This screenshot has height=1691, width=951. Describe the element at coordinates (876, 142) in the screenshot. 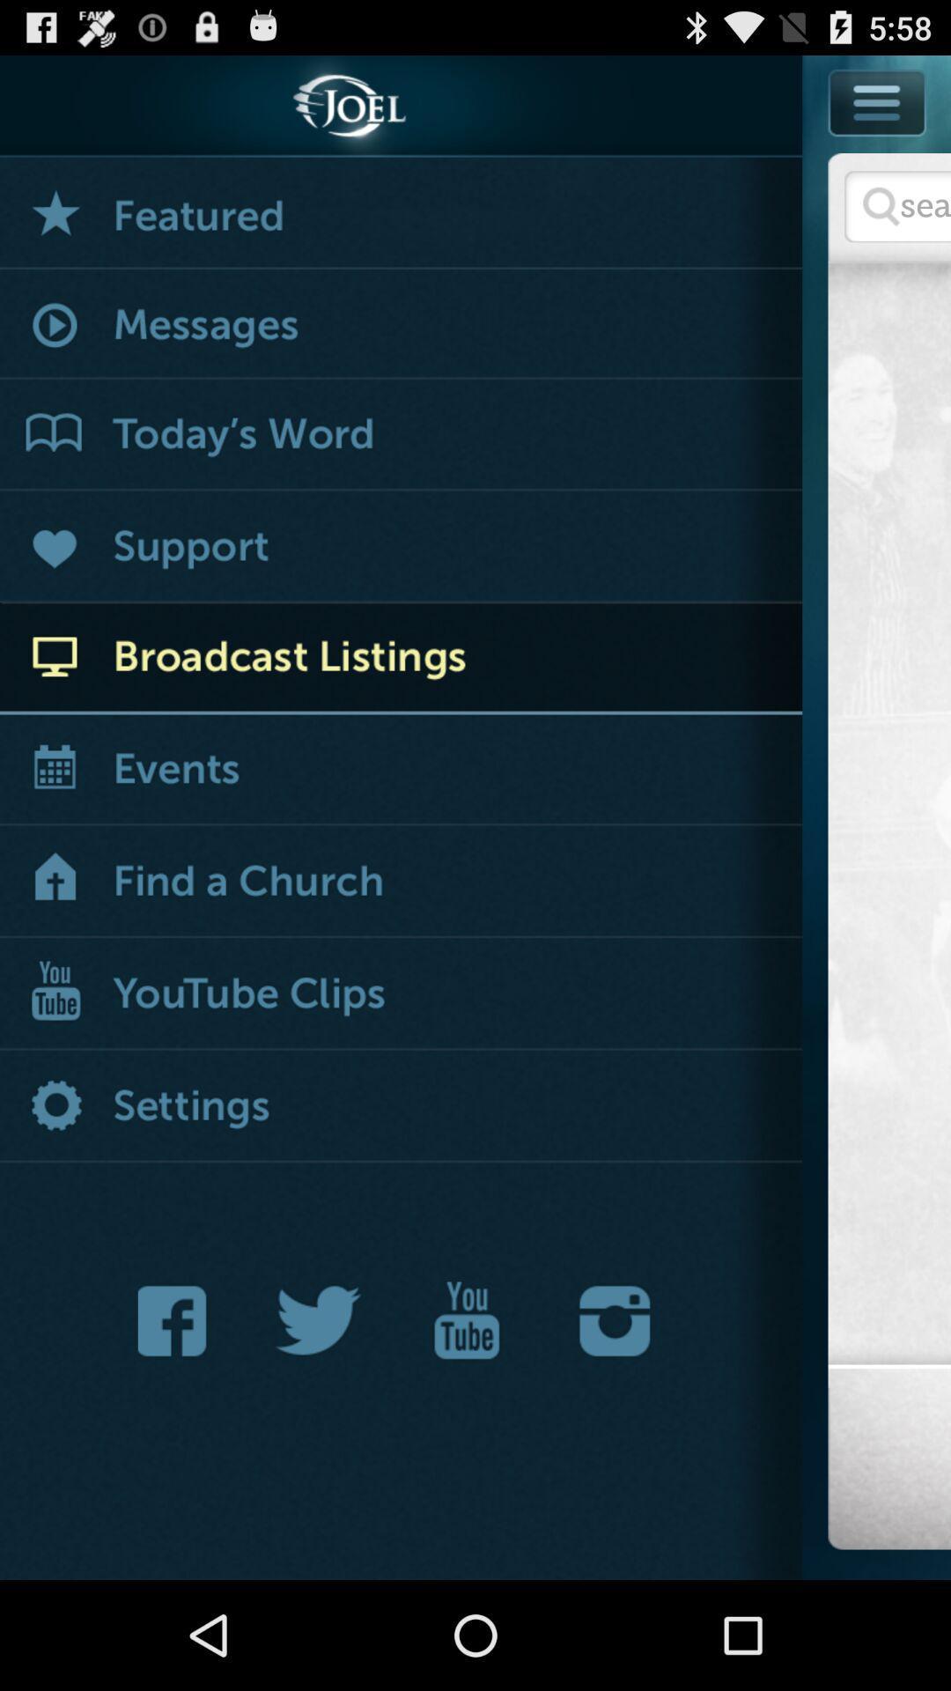

I see `menu option` at that location.